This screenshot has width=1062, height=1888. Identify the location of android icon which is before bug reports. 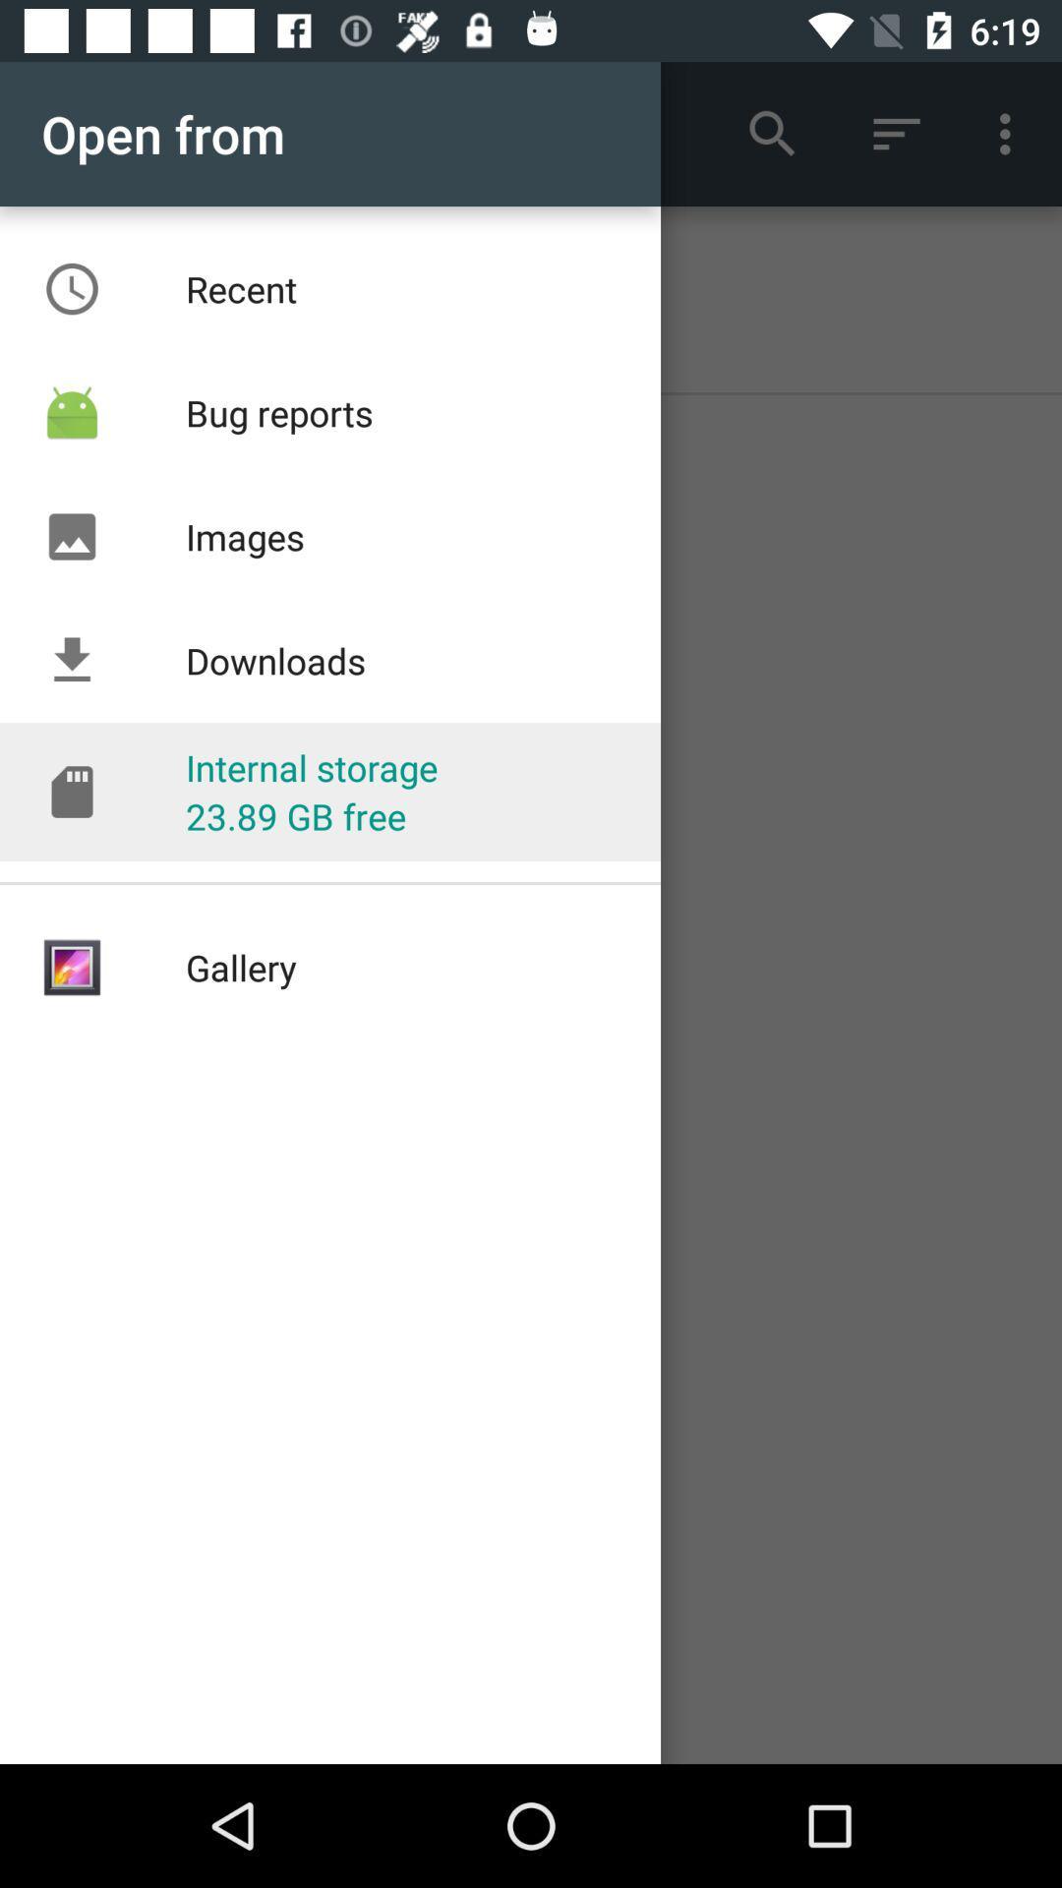
(71, 412).